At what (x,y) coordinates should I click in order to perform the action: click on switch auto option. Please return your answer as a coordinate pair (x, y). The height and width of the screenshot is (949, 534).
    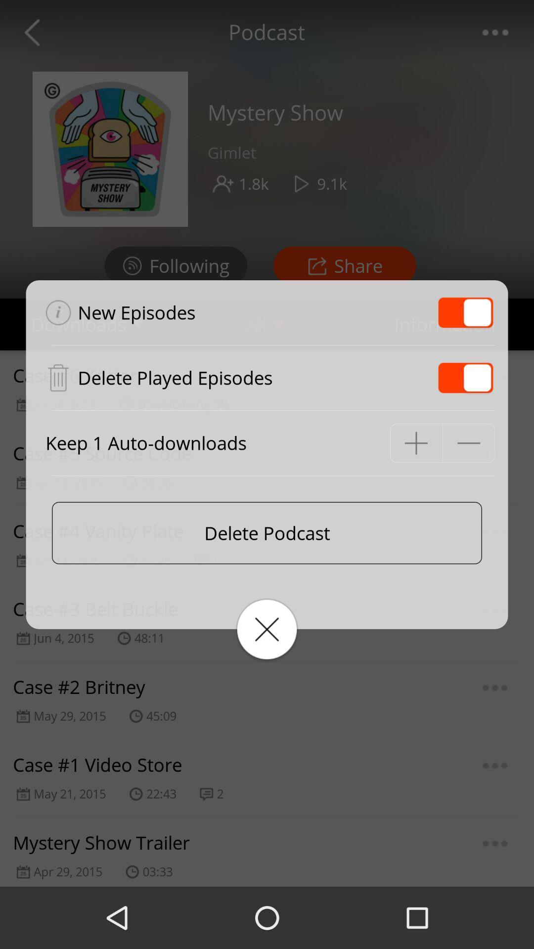
    Looking at the image, I should click on (465, 377).